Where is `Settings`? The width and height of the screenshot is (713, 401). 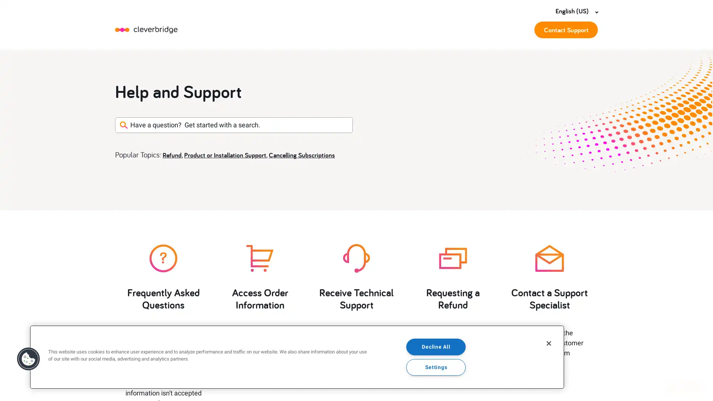
Settings is located at coordinates (436, 366).